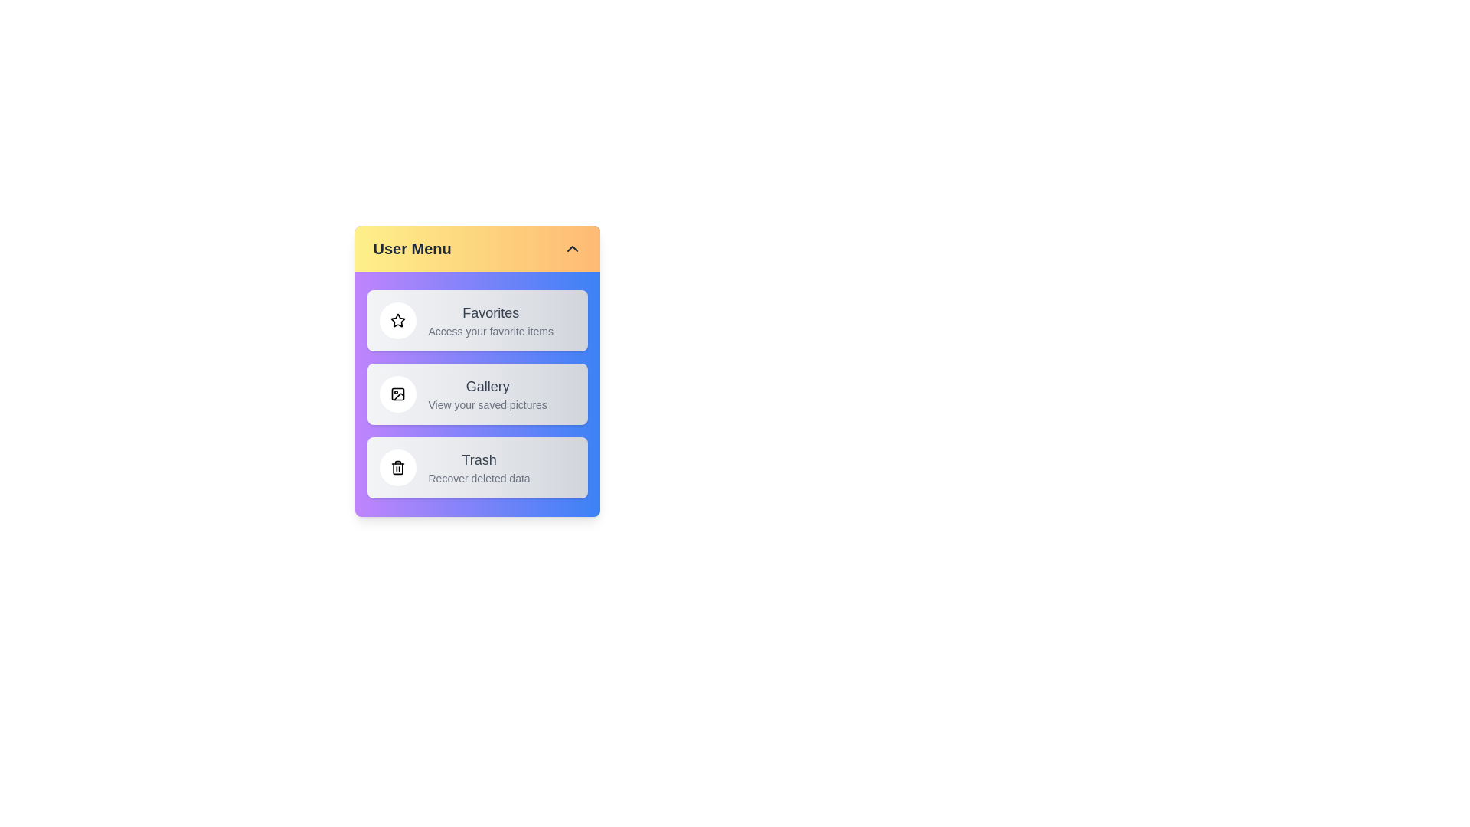 The image size is (1470, 827). Describe the element at coordinates (397, 320) in the screenshot. I see `the icon of the menu item Favorites` at that location.